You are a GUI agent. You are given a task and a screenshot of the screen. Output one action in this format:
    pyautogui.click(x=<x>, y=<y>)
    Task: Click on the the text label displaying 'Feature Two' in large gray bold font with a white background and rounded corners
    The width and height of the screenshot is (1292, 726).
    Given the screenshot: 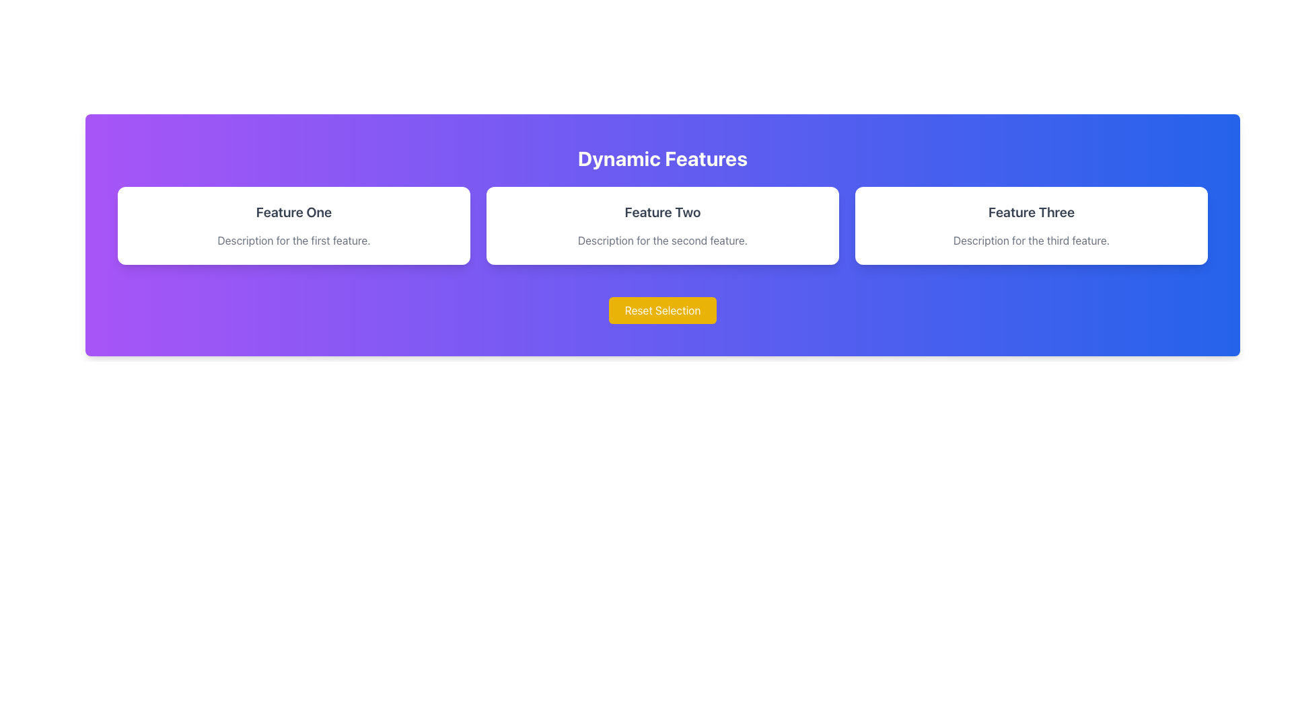 What is the action you would take?
    pyautogui.click(x=662, y=212)
    